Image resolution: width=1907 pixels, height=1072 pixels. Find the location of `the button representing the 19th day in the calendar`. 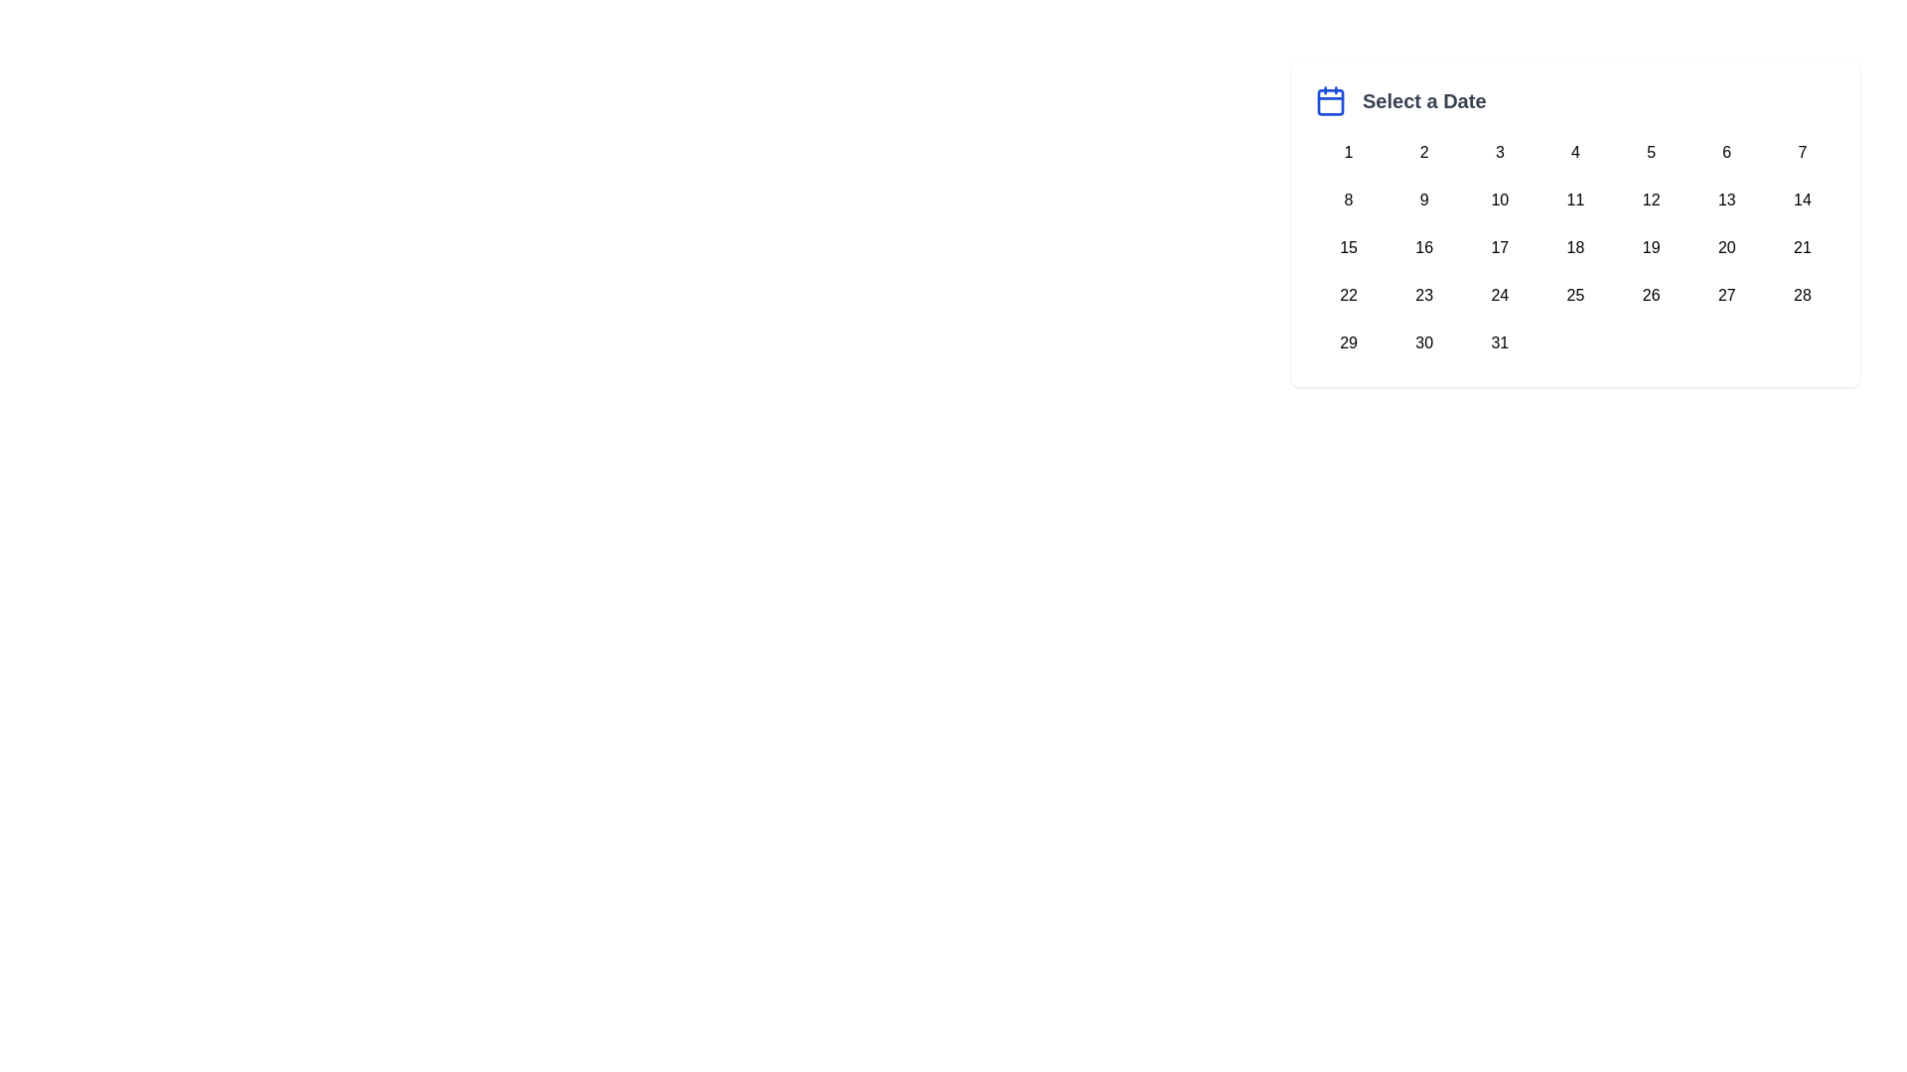

the button representing the 19th day in the calendar is located at coordinates (1651, 247).